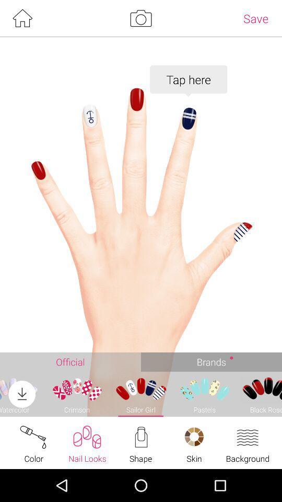 This screenshot has height=502, width=282. What do you see at coordinates (140, 19) in the screenshot?
I see `the photo icon` at bounding box center [140, 19].